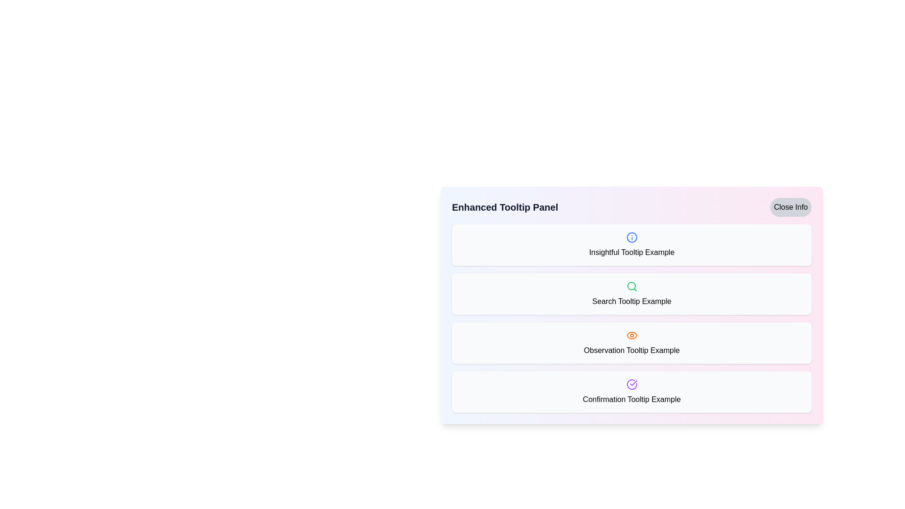 The height and width of the screenshot is (509, 905). I want to click on text of the header Text Label that introduces the content area containing tooltip examples, located to the left of the 'Close Info' button, so click(504, 206).